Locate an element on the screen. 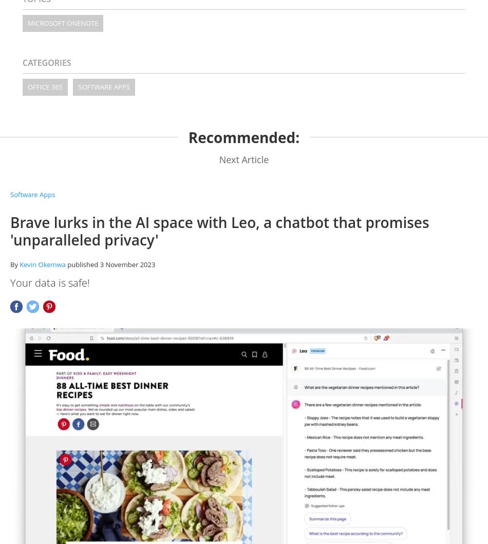 The height and width of the screenshot is (544, 488). 'Your data is safe!' is located at coordinates (50, 282).